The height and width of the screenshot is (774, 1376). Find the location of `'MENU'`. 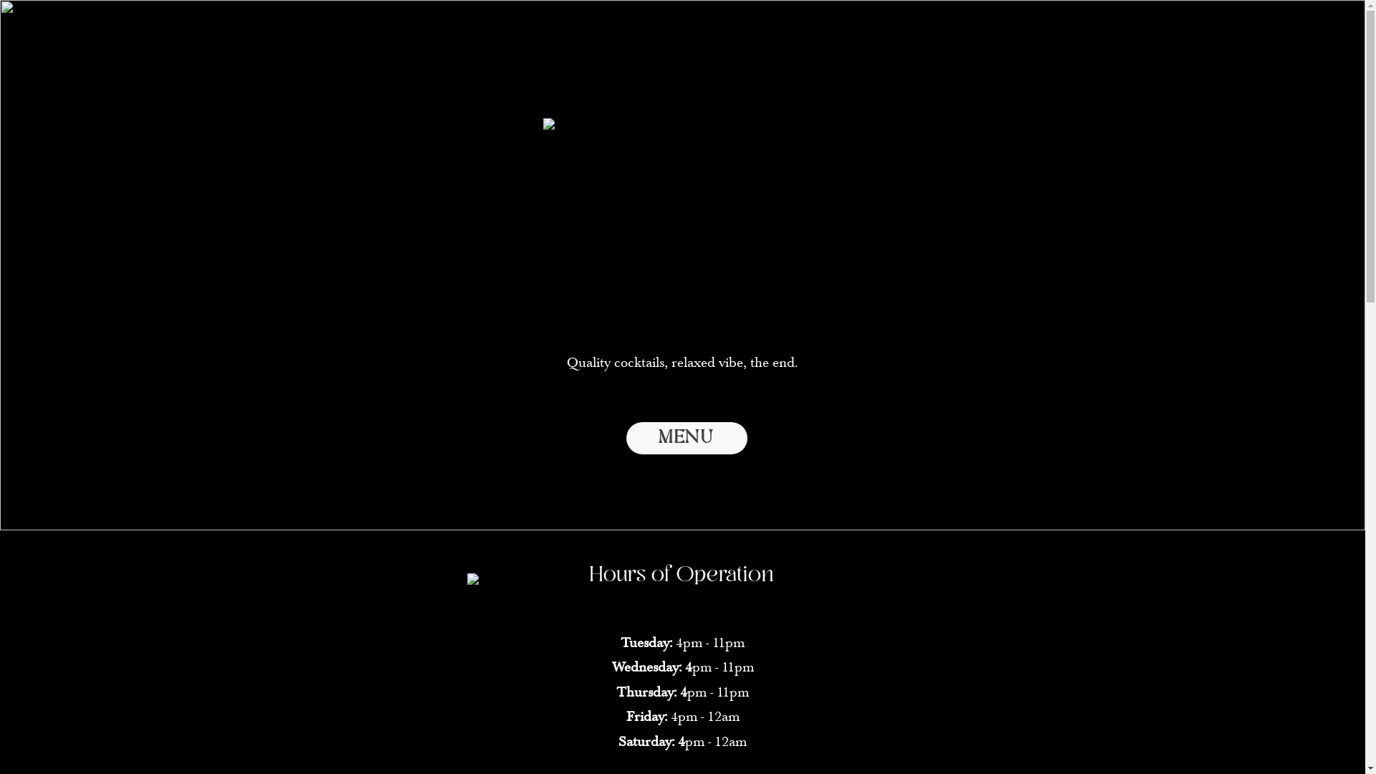

'MENU' is located at coordinates (686, 437).